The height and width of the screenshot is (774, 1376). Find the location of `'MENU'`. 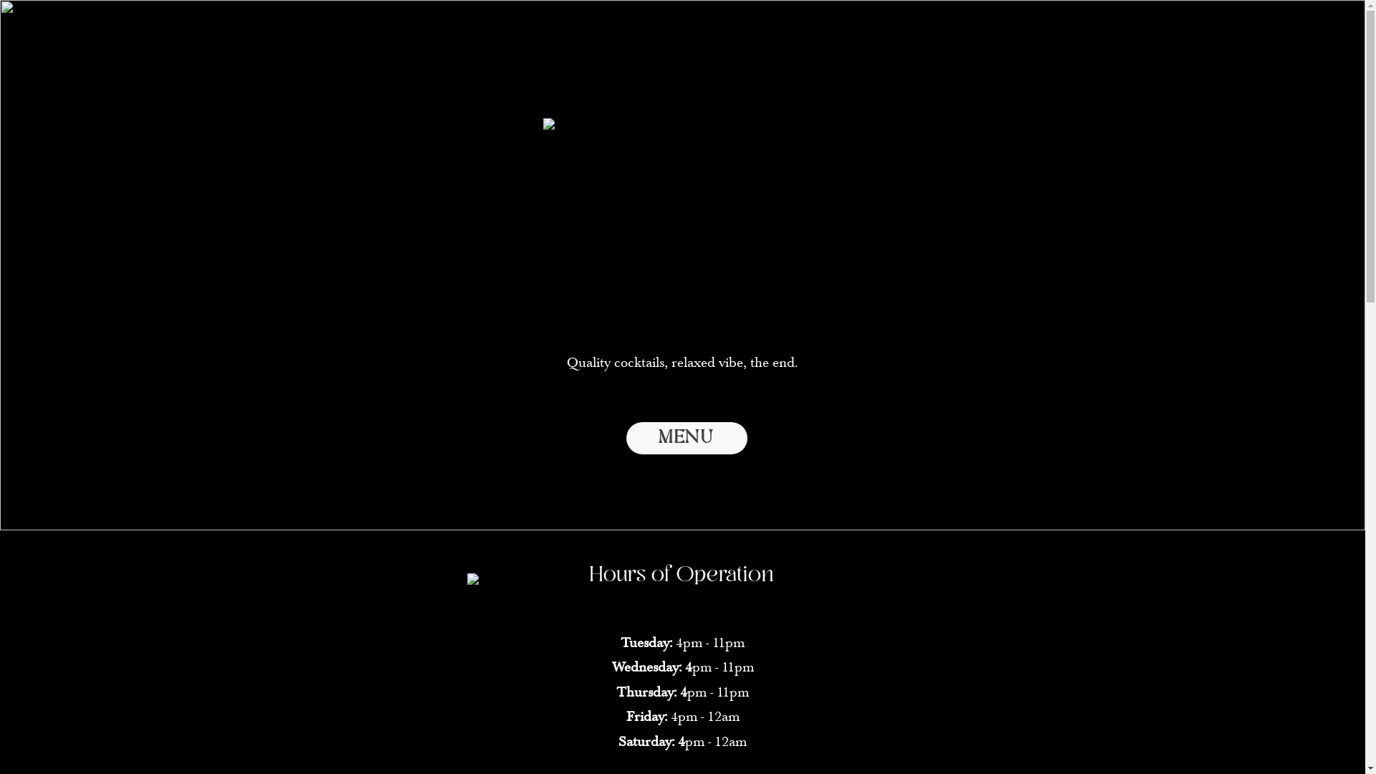

'MENU' is located at coordinates (686, 437).